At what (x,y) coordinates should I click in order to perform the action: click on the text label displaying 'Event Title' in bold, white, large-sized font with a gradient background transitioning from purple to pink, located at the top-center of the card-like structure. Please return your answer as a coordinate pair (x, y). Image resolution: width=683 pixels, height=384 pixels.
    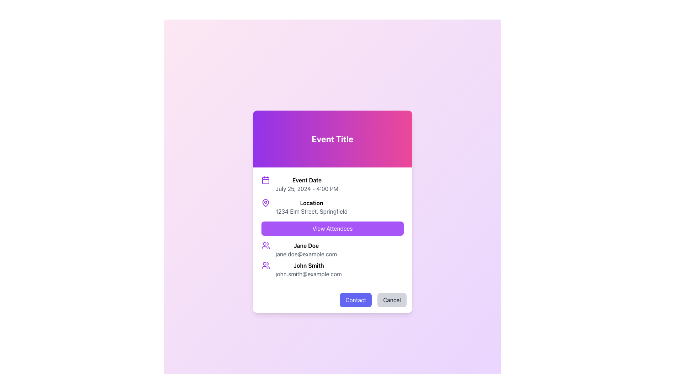
    Looking at the image, I should click on (332, 139).